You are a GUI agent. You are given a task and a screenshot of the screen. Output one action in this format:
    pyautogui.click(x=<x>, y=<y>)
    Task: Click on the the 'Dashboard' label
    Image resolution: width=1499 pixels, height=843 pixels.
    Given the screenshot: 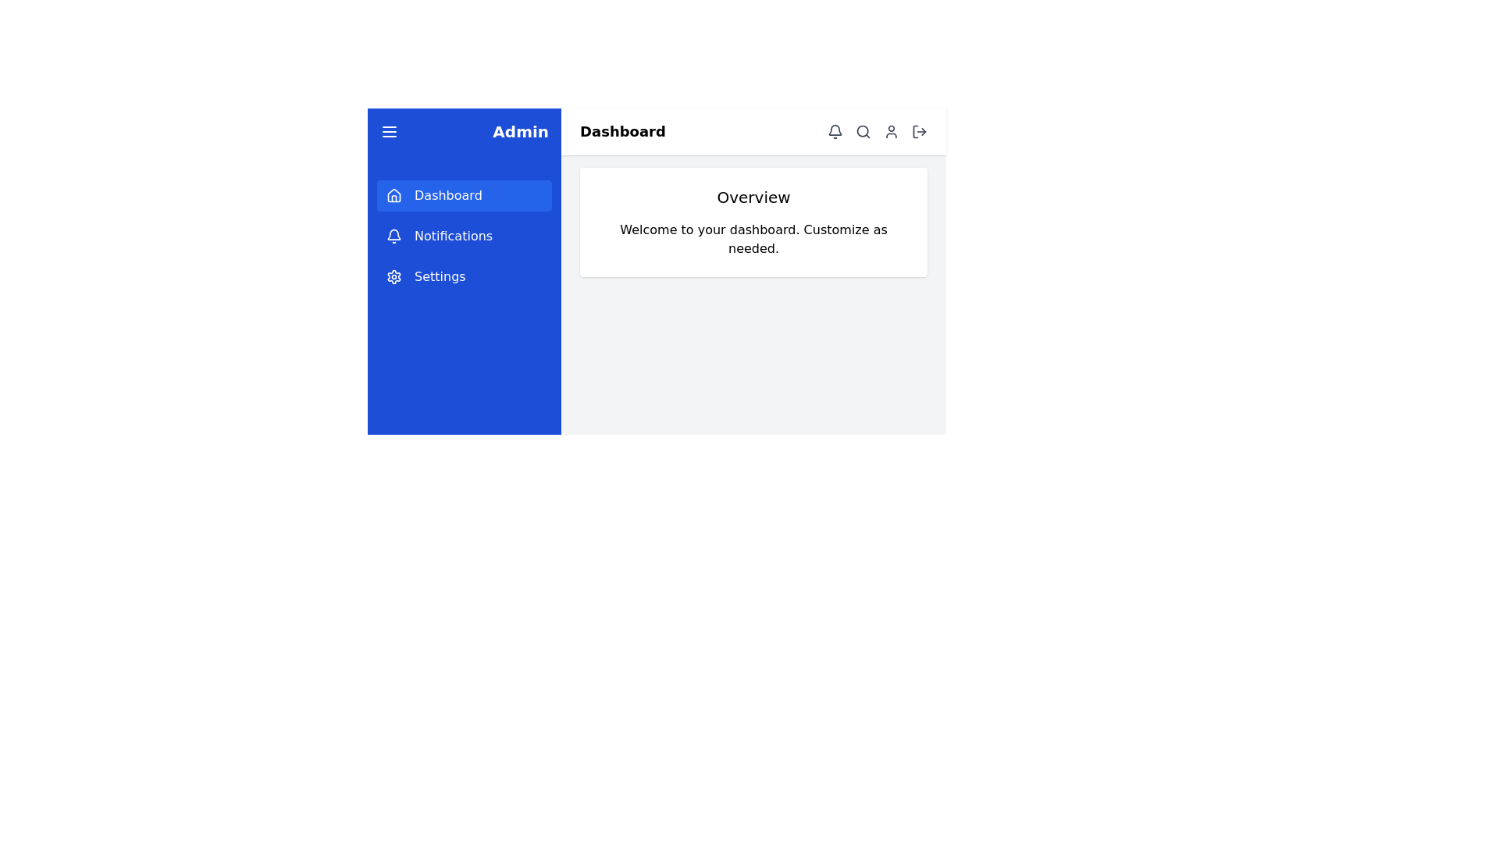 What is the action you would take?
    pyautogui.click(x=447, y=194)
    